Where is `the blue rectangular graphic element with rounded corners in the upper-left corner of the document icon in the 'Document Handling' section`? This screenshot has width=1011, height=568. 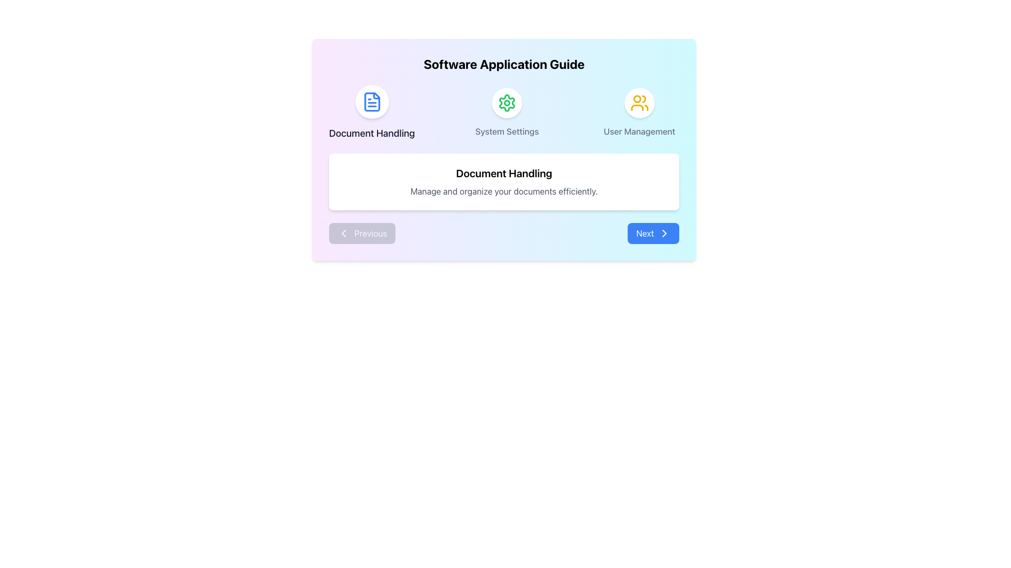
the blue rectangular graphic element with rounded corners in the upper-left corner of the document icon in the 'Document Handling' section is located at coordinates (372, 102).